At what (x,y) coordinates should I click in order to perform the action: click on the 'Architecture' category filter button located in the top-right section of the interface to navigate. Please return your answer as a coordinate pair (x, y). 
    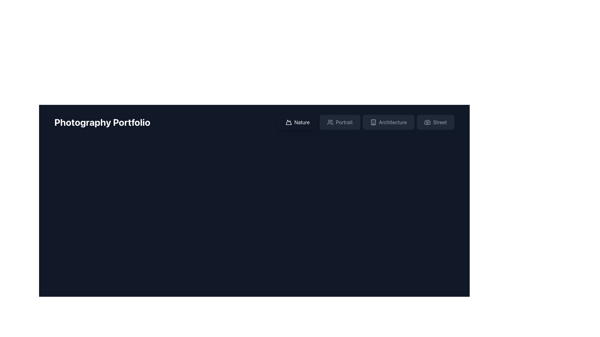
    Looking at the image, I should click on (366, 122).